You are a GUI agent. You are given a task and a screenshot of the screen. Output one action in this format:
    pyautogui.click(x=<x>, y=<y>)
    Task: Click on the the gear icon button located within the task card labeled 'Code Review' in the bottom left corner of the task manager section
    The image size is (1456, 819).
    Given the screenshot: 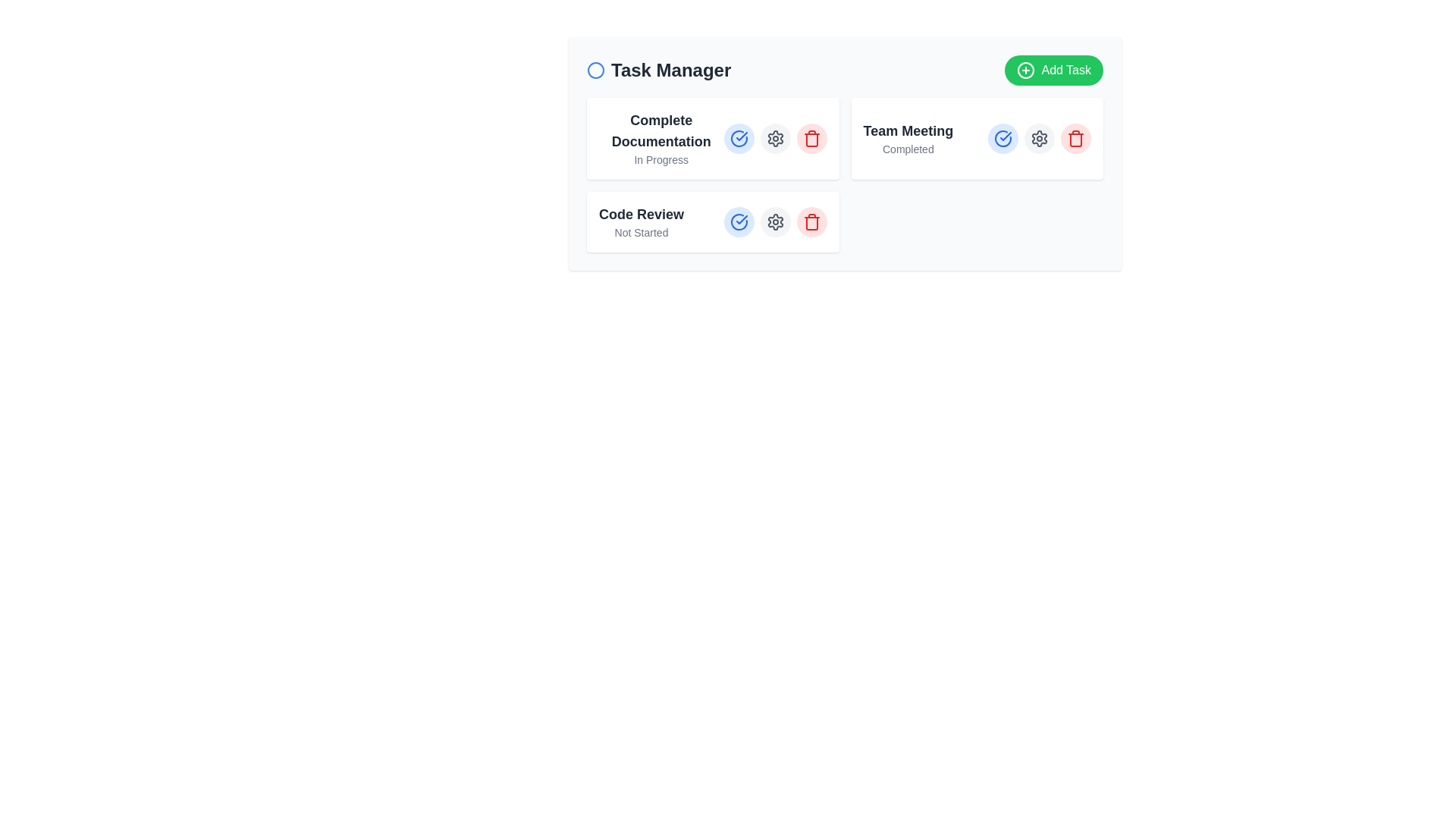 What is the action you would take?
    pyautogui.click(x=775, y=138)
    